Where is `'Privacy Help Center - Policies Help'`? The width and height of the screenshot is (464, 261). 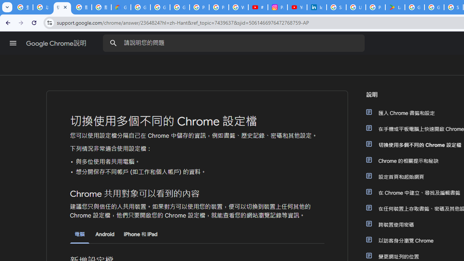 'Privacy Help Center - Policies Help' is located at coordinates (219, 7).